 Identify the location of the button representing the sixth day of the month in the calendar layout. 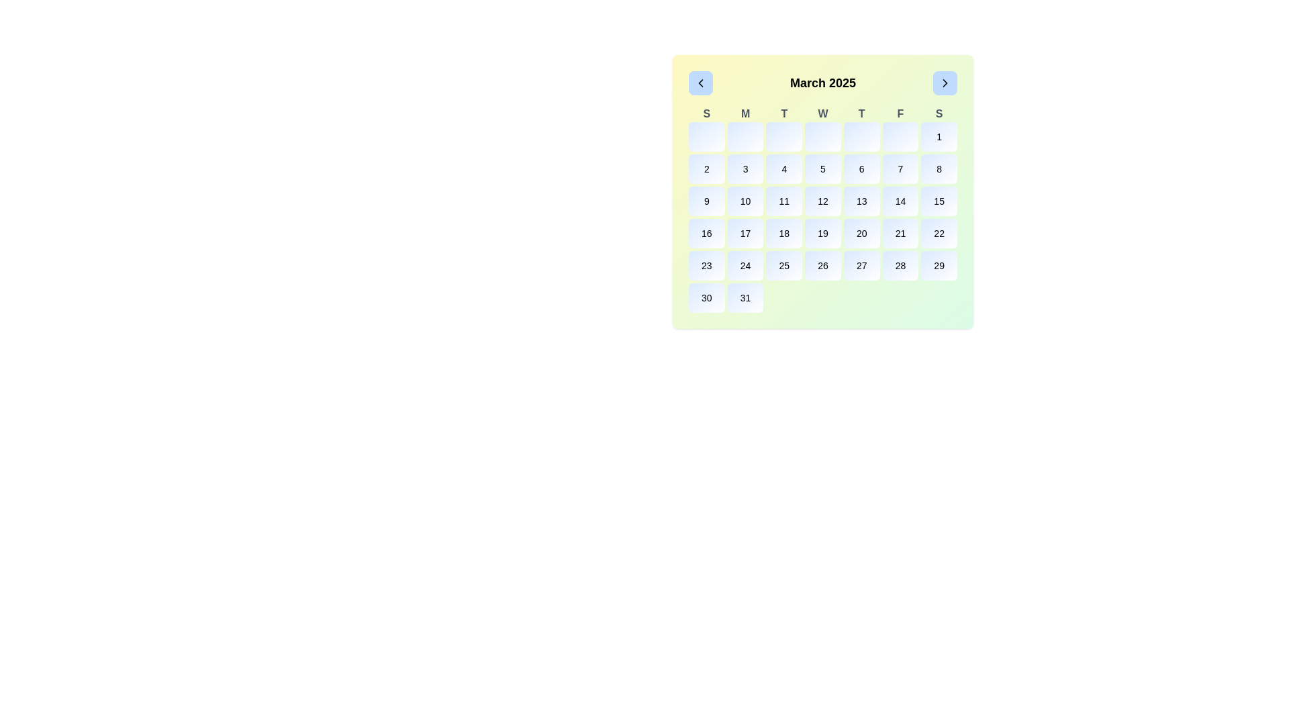
(861, 168).